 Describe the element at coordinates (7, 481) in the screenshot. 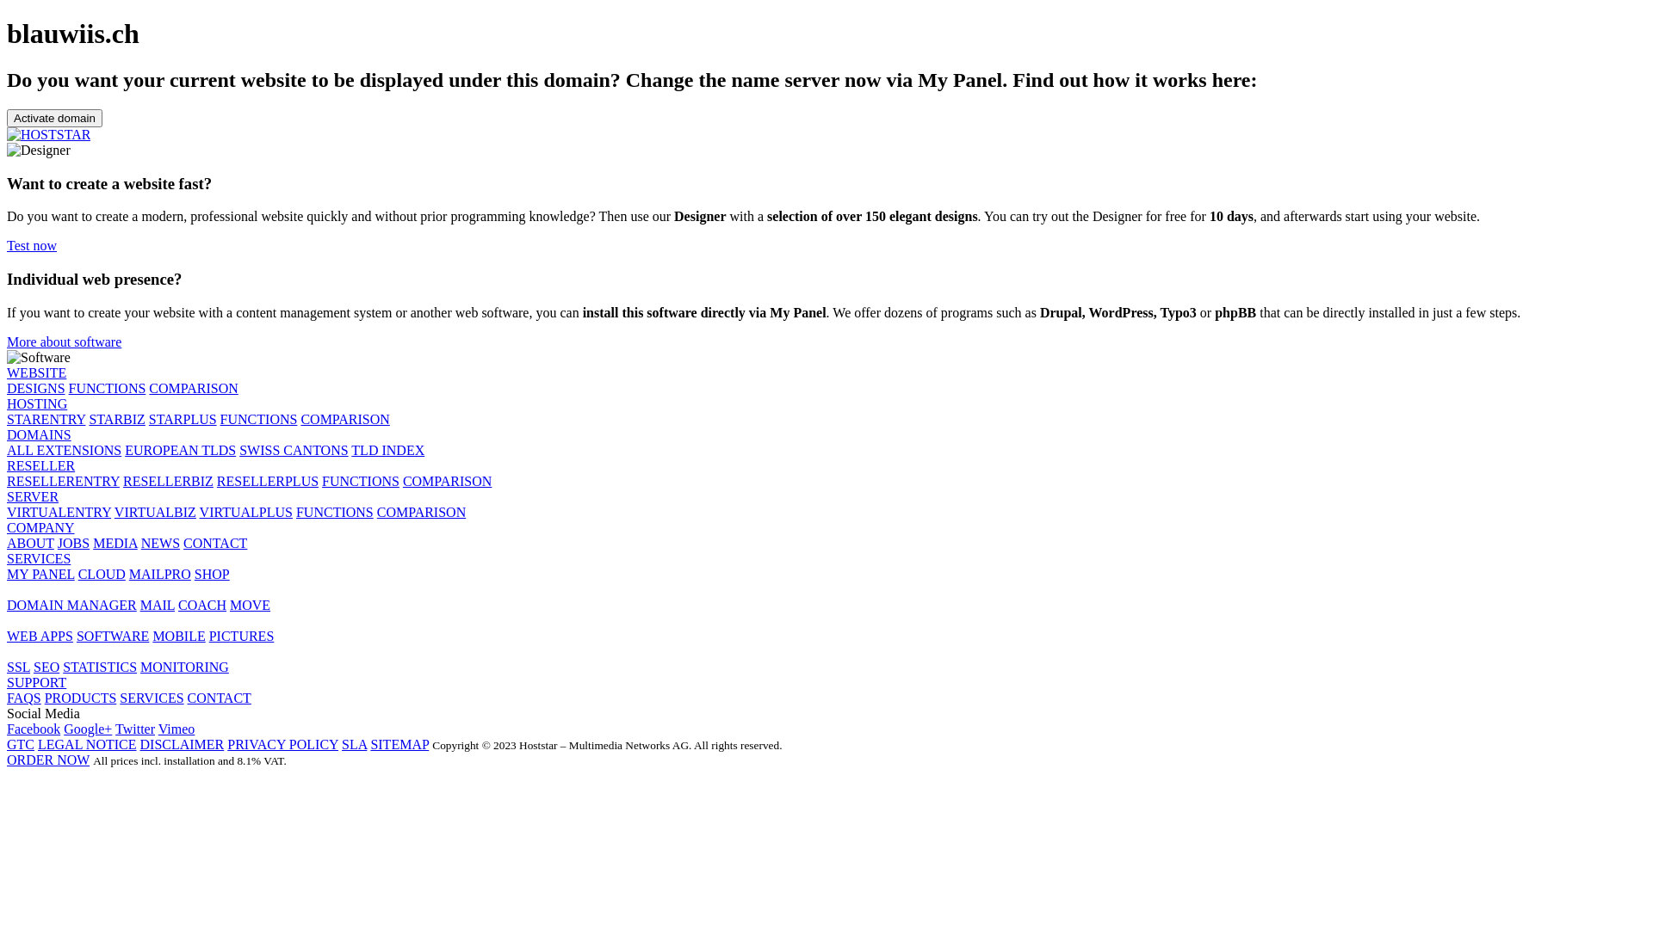

I see `'RESELLERENTRY'` at that location.